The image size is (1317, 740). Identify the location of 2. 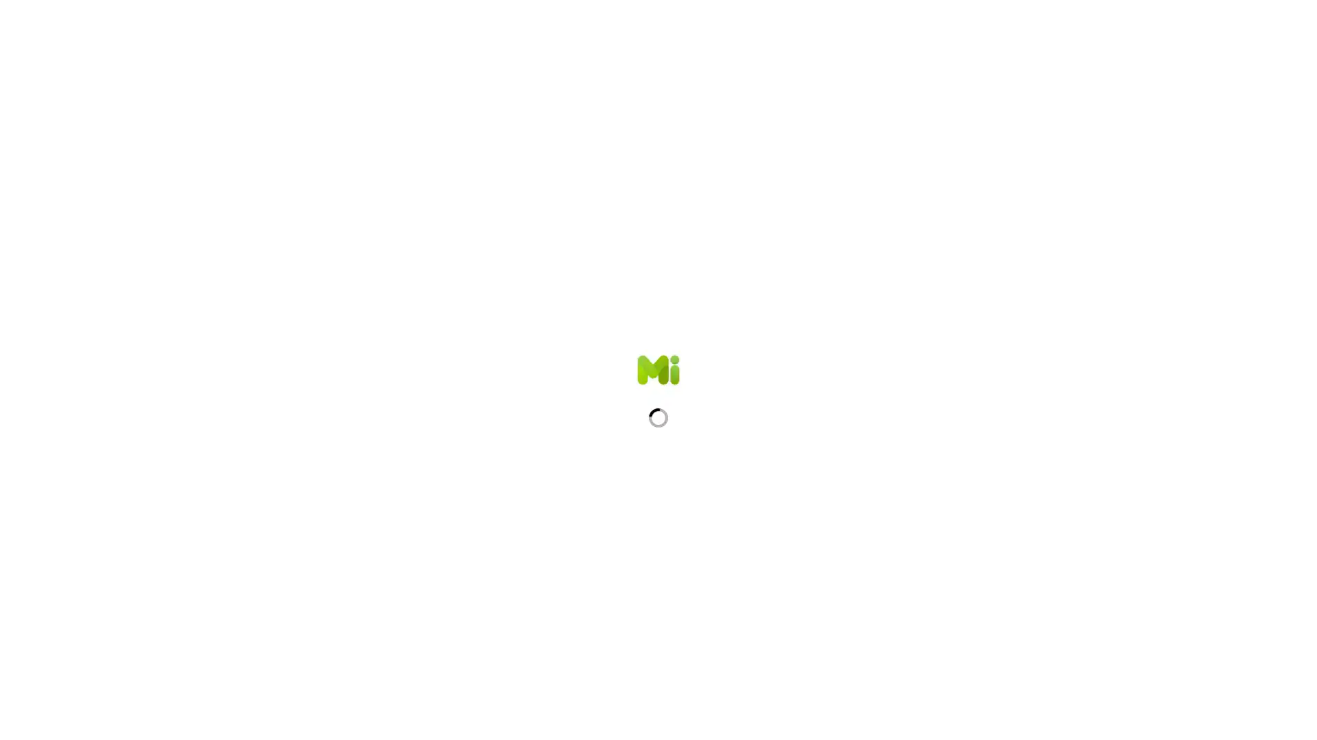
(431, 473).